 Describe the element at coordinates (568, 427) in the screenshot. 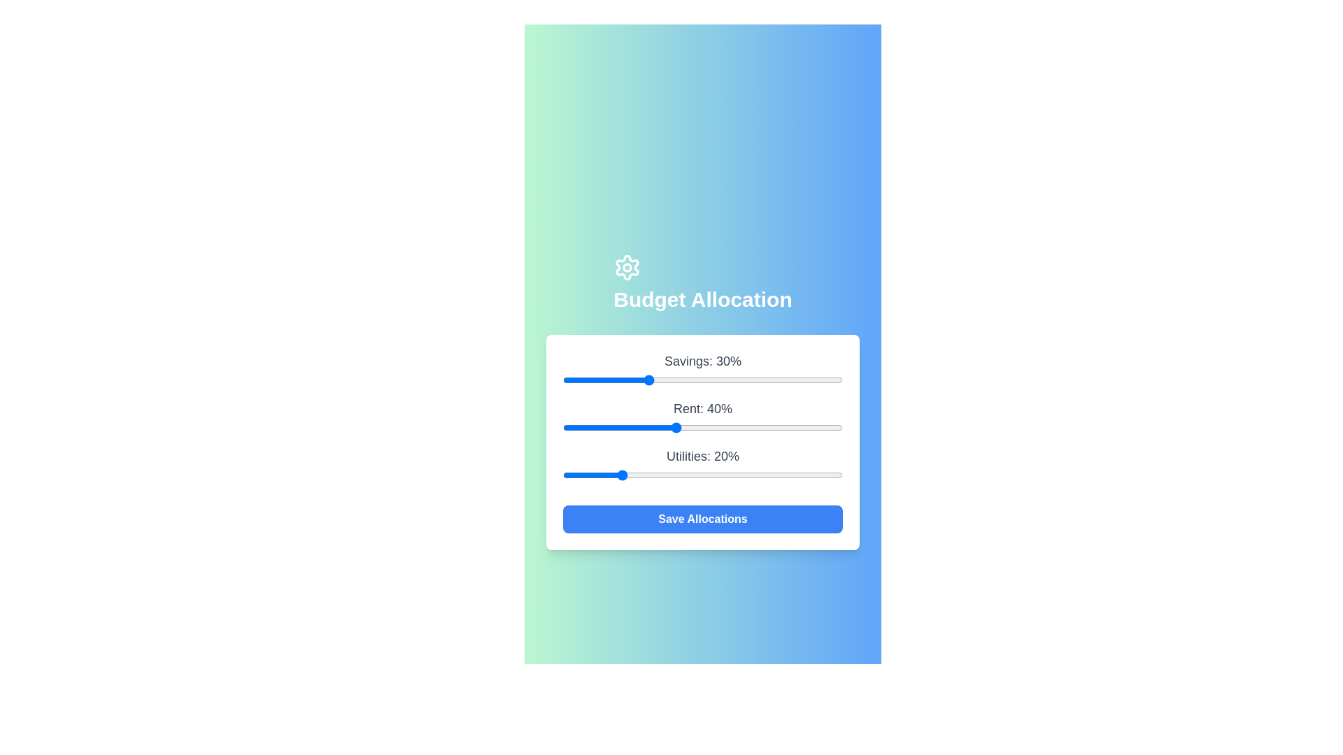

I see `the 'Rent' slider to 2%` at that location.